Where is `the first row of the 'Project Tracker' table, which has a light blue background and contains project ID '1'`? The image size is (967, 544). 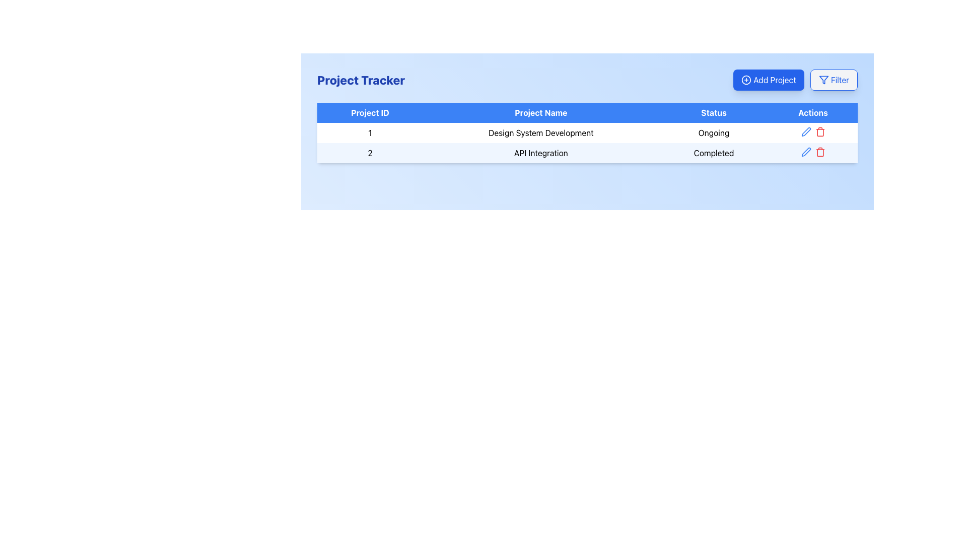 the first row of the 'Project Tracker' table, which has a light blue background and contains project ID '1' is located at coordinates (587, 132).